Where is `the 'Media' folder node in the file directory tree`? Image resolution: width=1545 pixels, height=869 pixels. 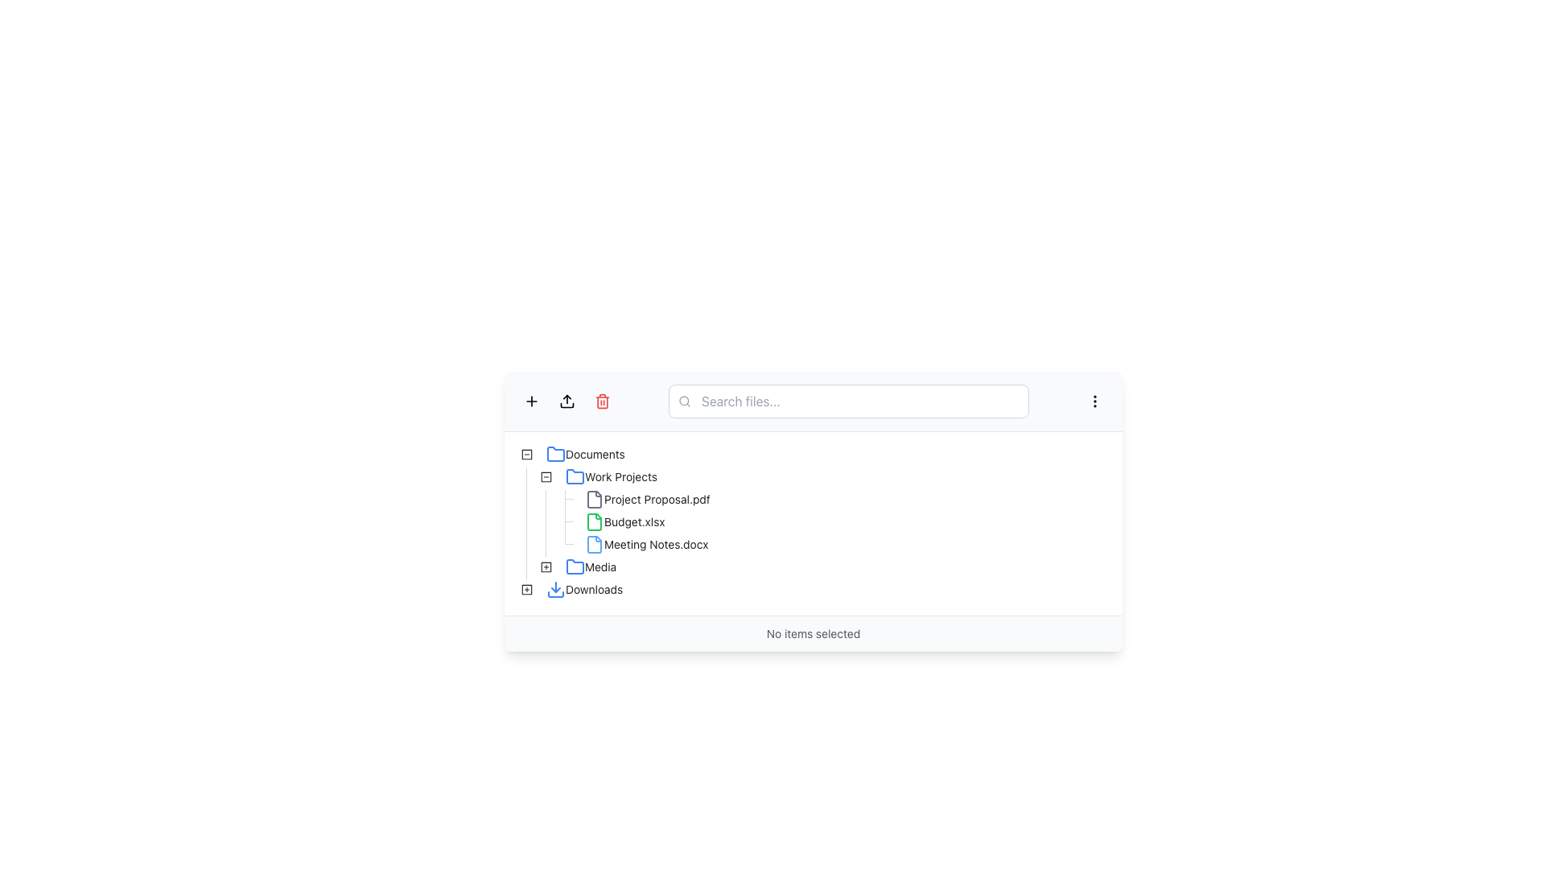
the 'Media' folder node in the file directory tree is located at coordinates (599, 566).